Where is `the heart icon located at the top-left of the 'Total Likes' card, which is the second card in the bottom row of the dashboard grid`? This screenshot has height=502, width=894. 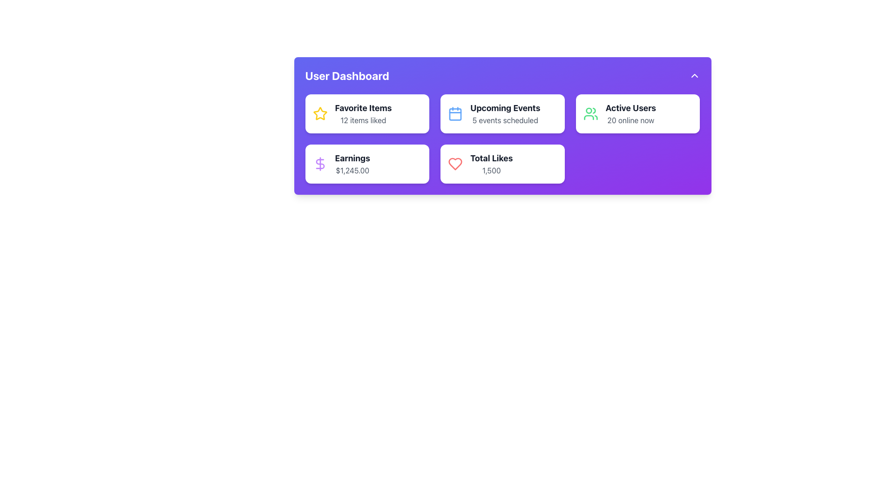 the heart icon located at the top-left of the 'Total Likes' card, which is the second card in the bottom row of the dashboard grid is located at coordinates (455, 164).